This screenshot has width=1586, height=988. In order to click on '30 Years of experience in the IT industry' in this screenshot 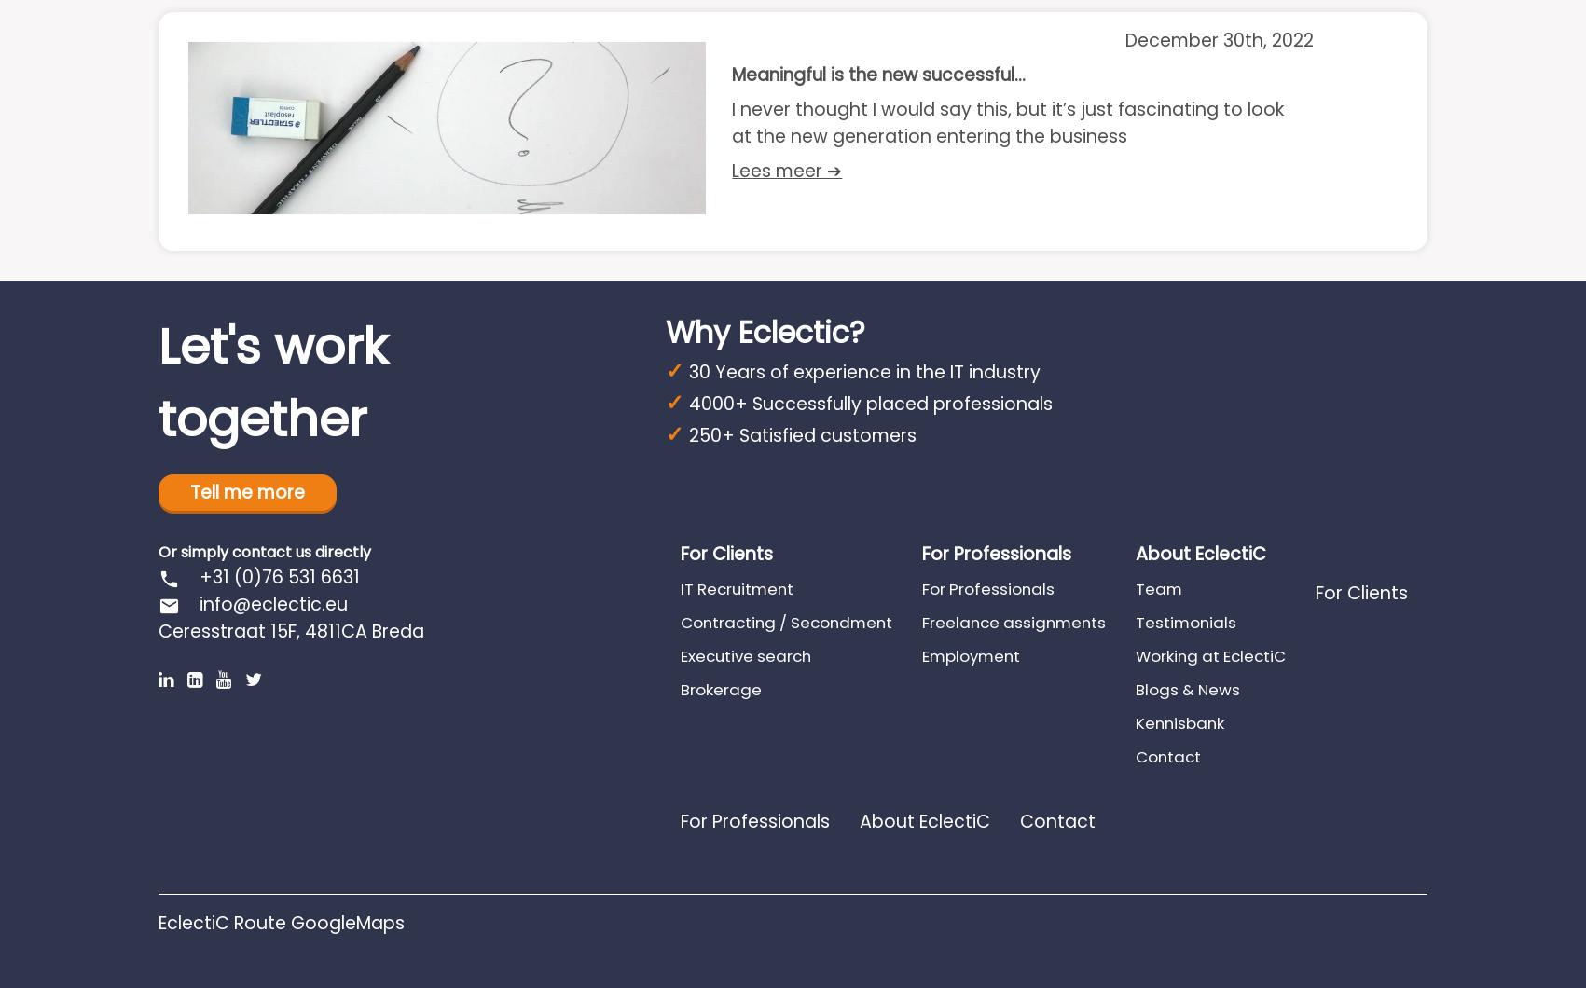, I will do `click(863, 371)`.